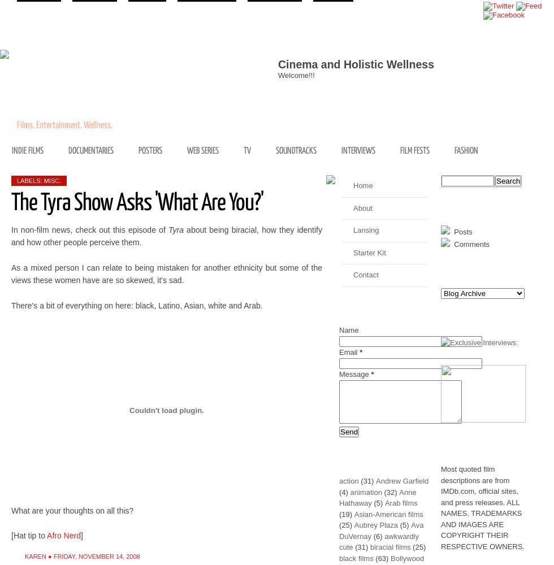 The width and height of the screenshot is (554, 565). I want to click on 'Welcome!!!', so click(278, 75).